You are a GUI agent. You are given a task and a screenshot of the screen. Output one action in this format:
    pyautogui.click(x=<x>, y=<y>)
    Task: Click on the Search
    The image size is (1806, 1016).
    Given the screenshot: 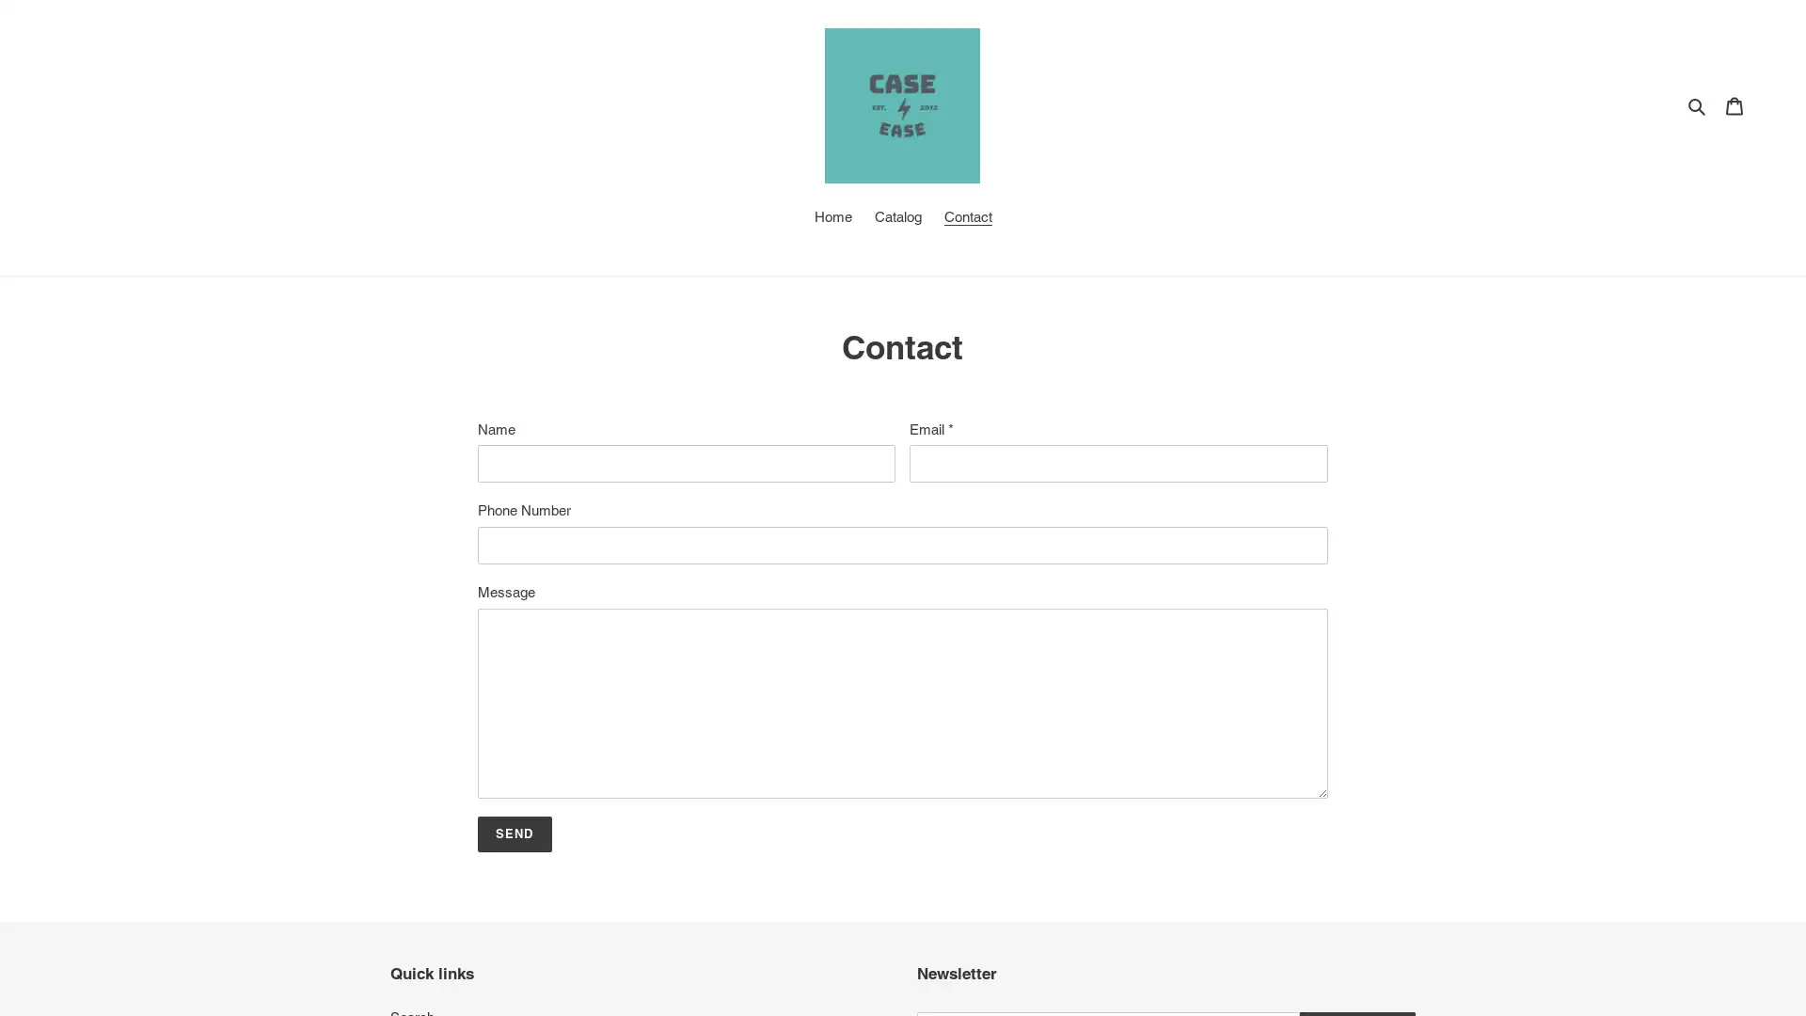 What is the action you would take?
    pyautogui.click(x=1697, y=104)
    